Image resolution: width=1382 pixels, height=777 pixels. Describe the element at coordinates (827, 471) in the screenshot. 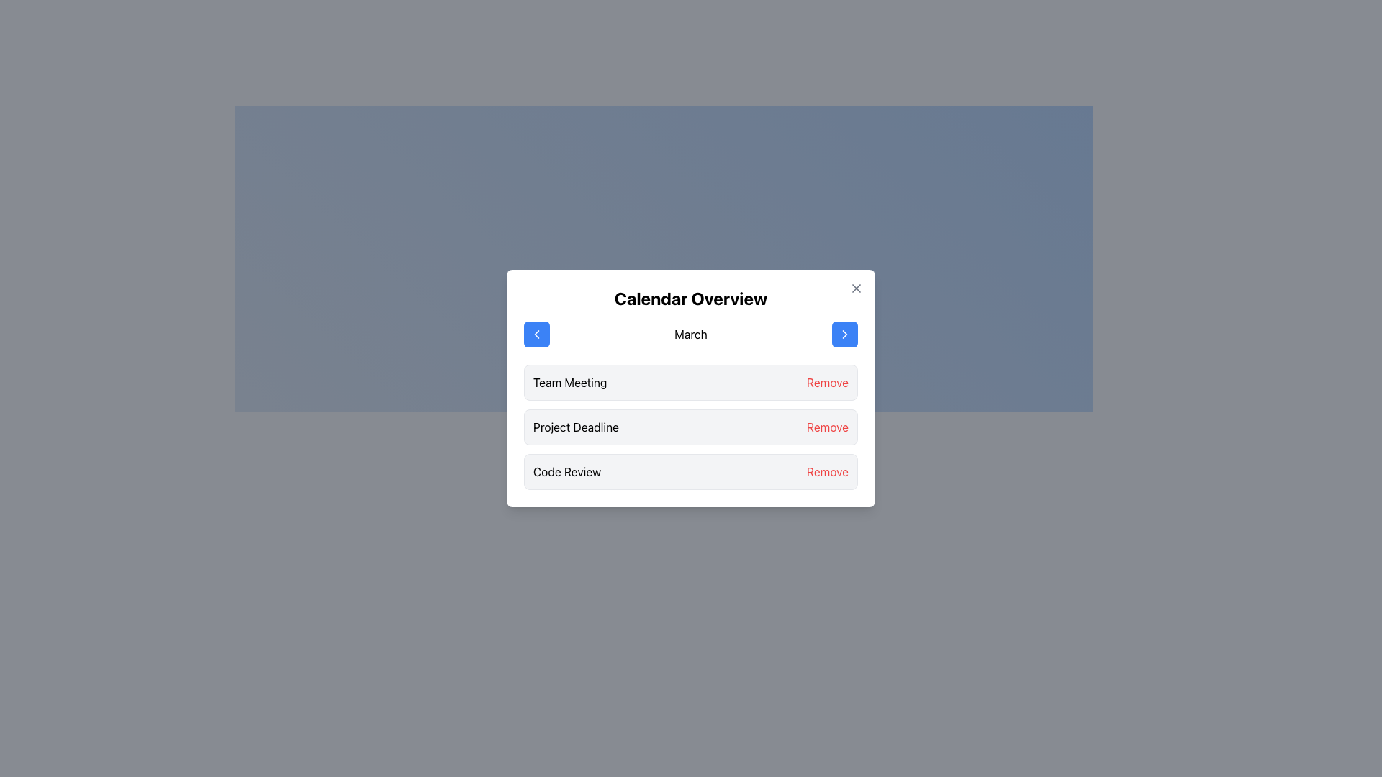

I see `the interactive text link styled as a button labeled 'Remove' located to the right of 'Code Review' in the third row of the modal dialog` at that location.